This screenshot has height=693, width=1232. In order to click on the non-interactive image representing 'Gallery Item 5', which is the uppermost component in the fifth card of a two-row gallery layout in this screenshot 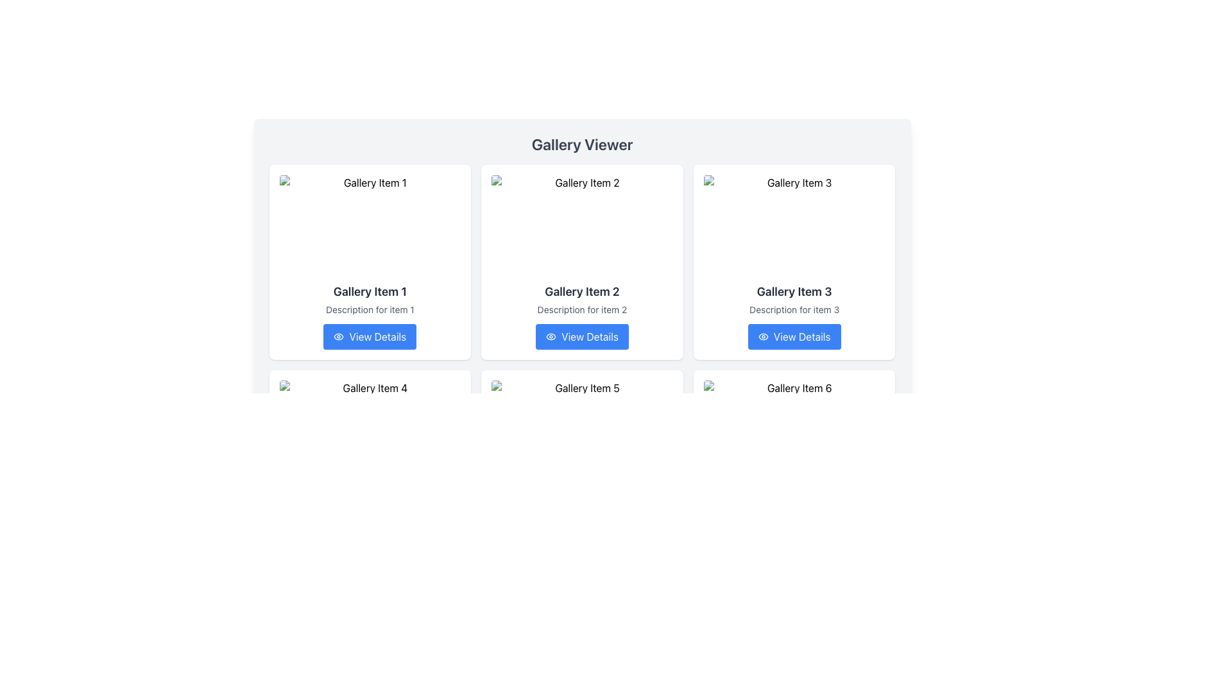, I will do `click(581, 431)`.